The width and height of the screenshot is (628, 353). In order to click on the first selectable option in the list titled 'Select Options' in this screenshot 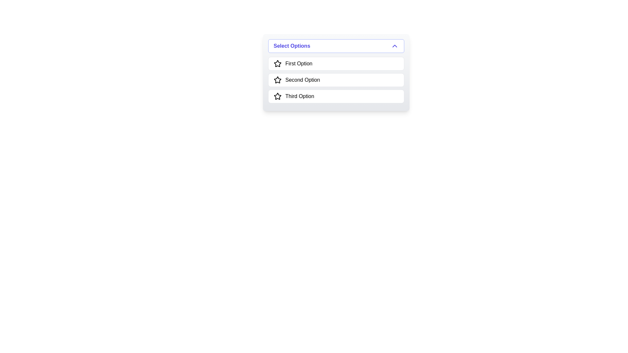, I will do `click(292, 64)`.